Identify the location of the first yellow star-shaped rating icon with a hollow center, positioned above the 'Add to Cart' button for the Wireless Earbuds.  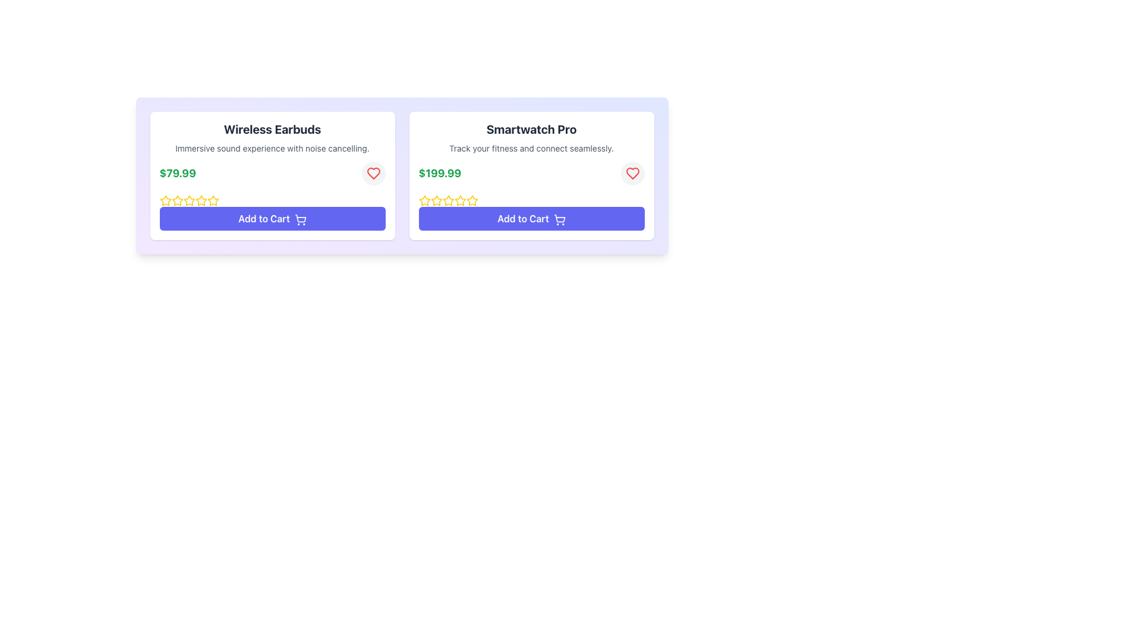
(165, 200).